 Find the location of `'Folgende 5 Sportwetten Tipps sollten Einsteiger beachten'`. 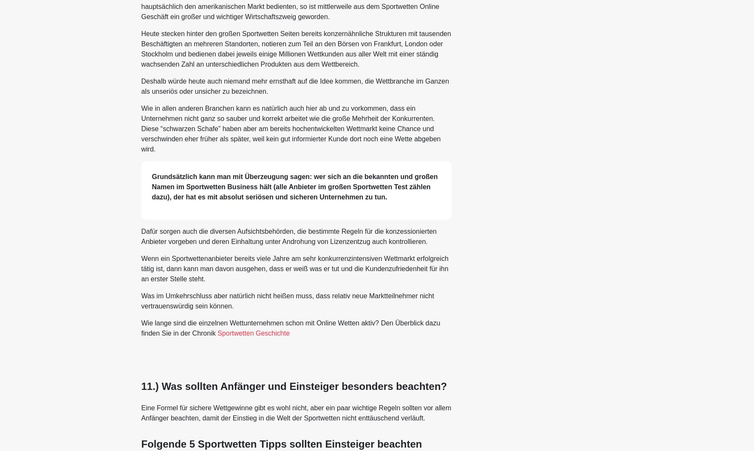

'Folgende 5 Sportwetten Tipps sollten Einsteiger beachten' is located at coordinates (140, 443).